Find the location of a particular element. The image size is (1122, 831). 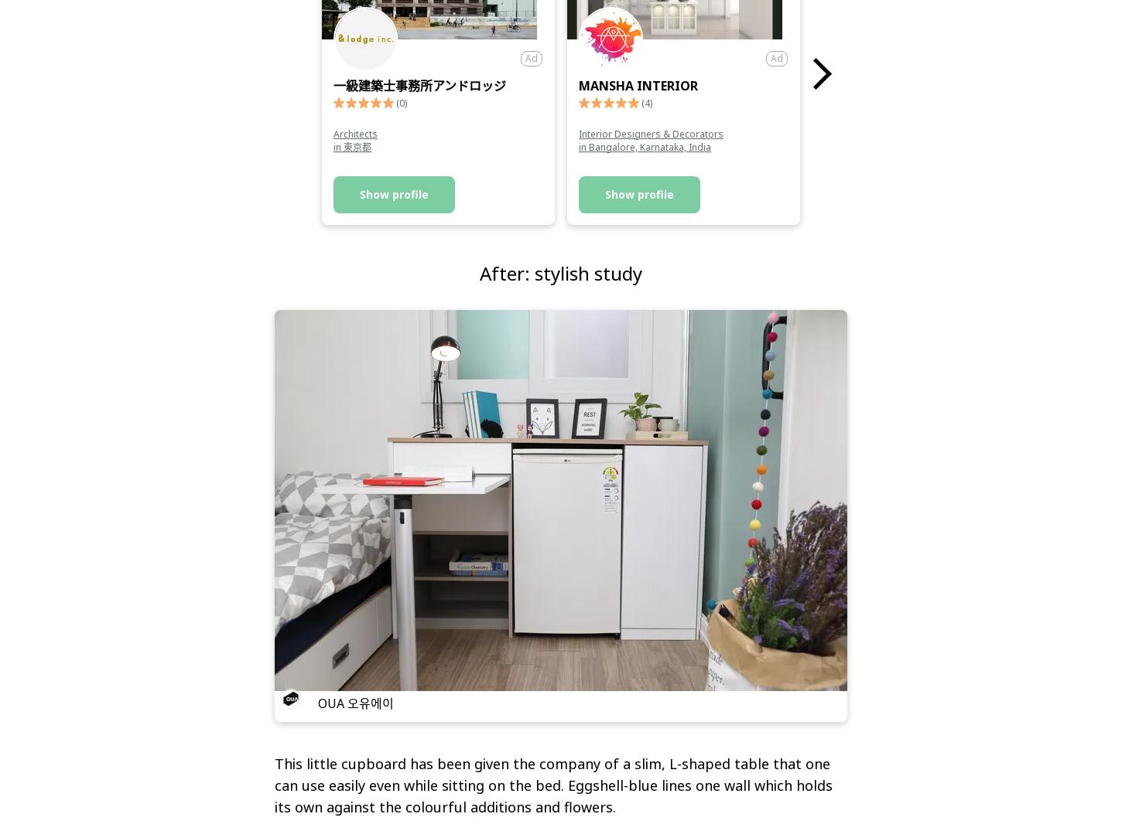

'After: stylish study' is located at coordinates (561, 273).